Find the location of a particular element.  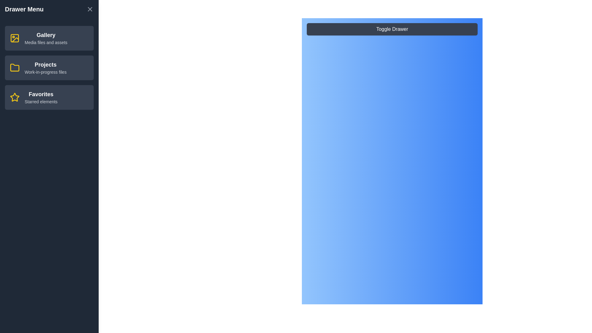

the menu item Gallery from the drawer is located at coordinates (49, 38).